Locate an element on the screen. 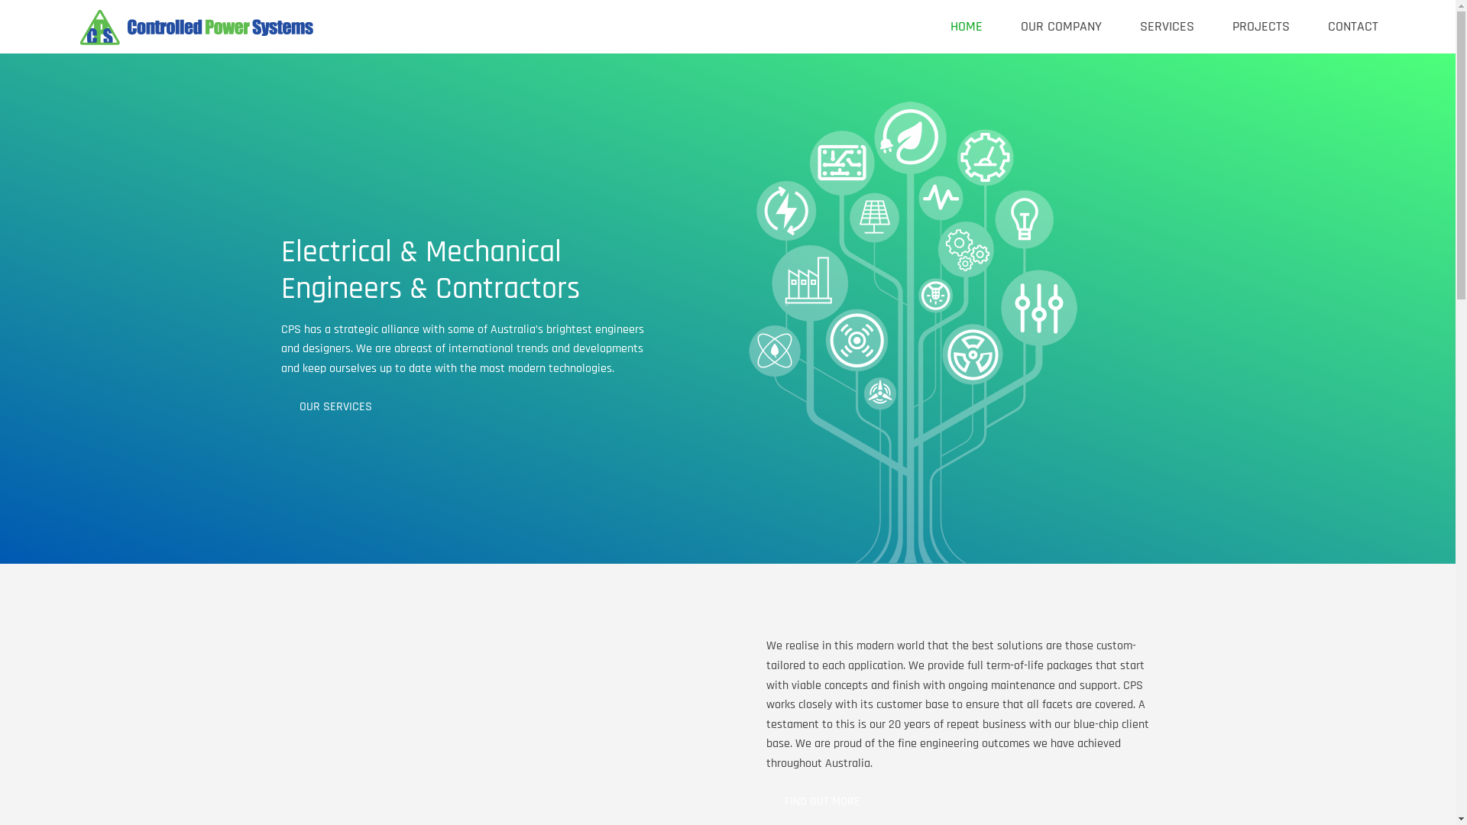 The height and width of the screenshot is (825, 1467). 'OUR SERVICES' is located at coordinates (335, 406).